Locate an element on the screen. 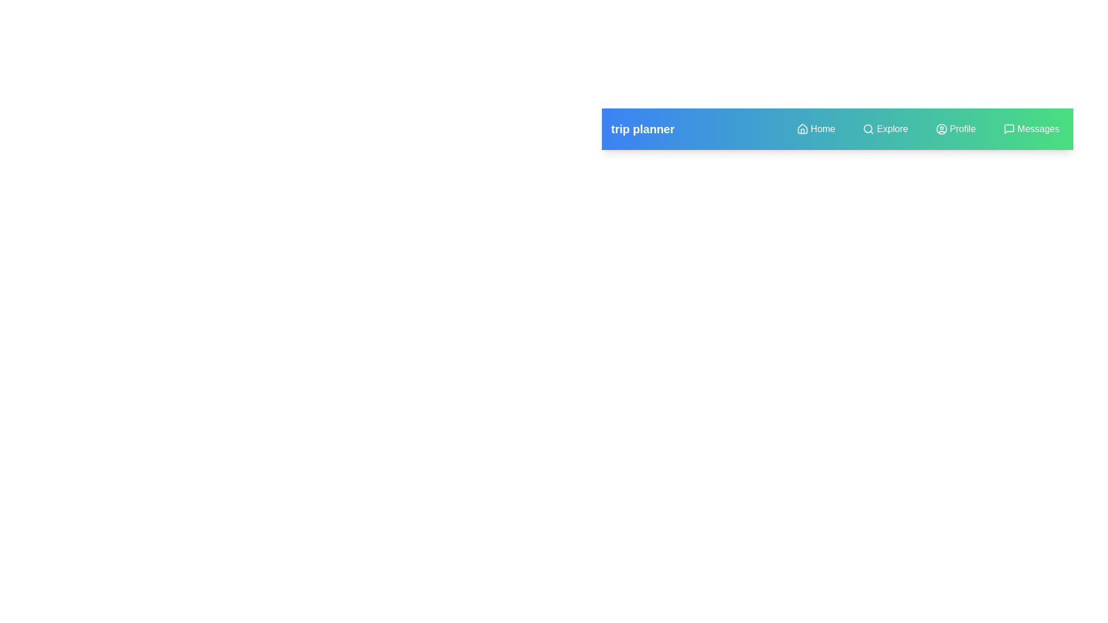 Image resolution: width=1108 pixels, height=623 pixels. the menu item Messages to observe visual feedback is located at coordinates (1031, 129).